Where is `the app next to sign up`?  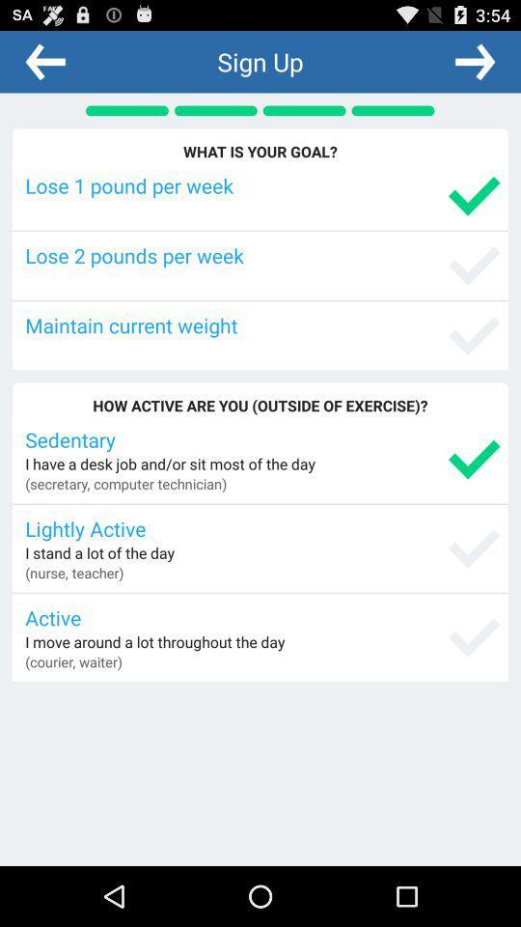 the app next to sign up is located at coordinates (45, 61).